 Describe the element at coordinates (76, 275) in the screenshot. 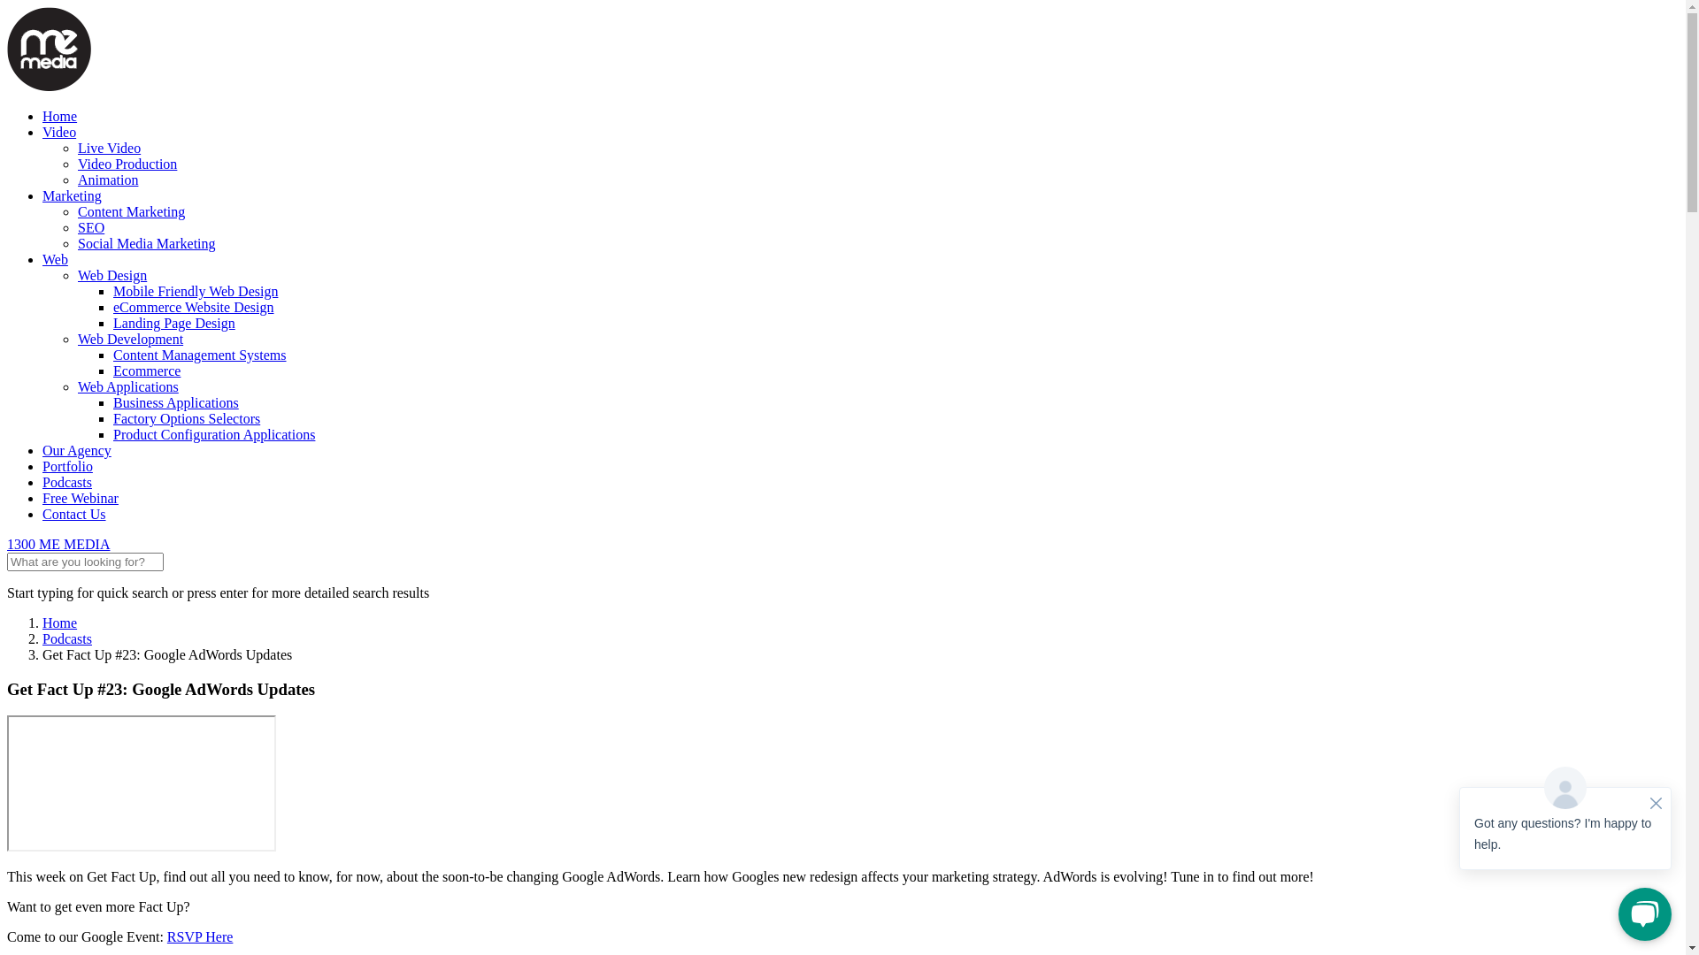

I see `'Web Design'` at that location.